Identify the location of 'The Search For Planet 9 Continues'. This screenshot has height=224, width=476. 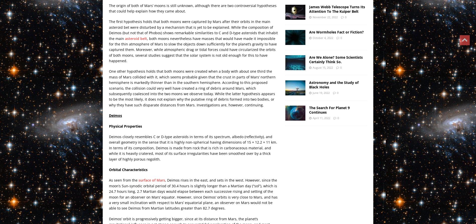
(329, 109).